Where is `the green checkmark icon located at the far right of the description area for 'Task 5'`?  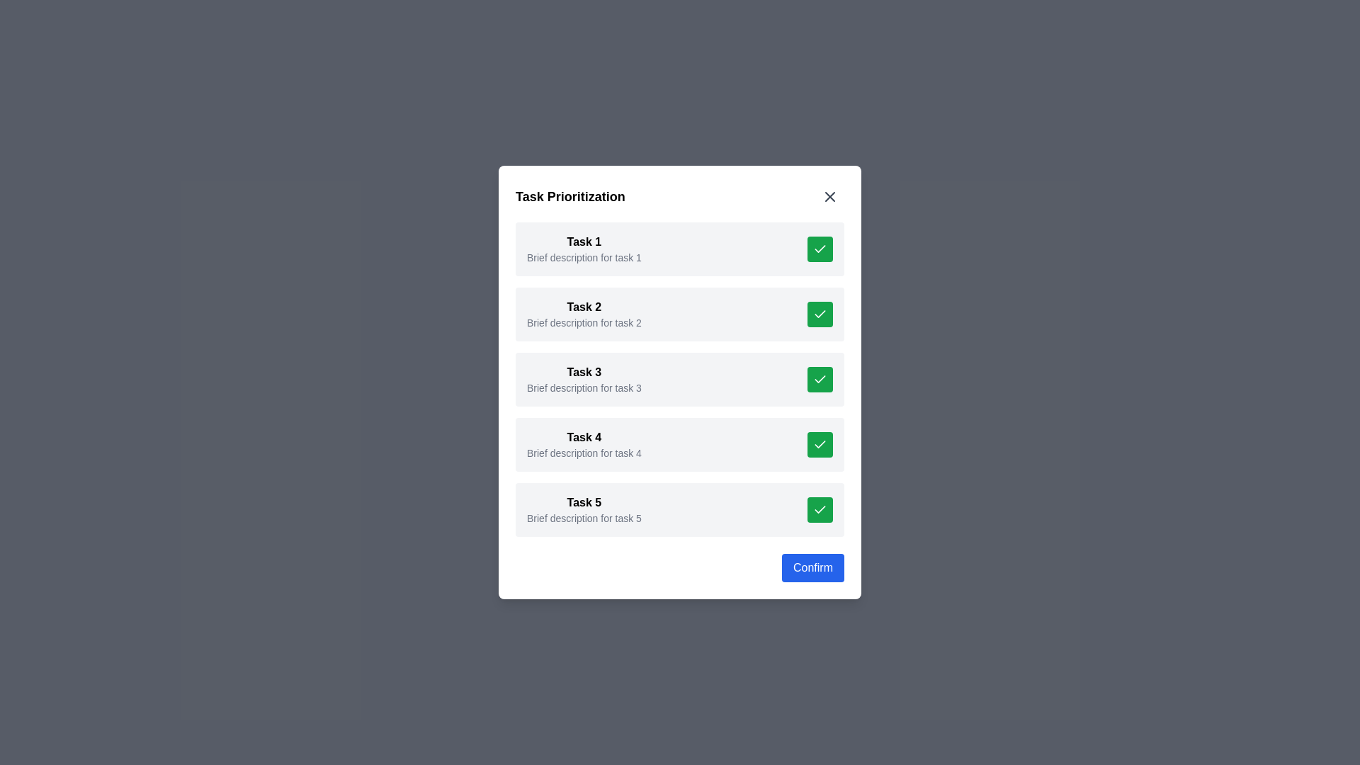
the green checkmark icon located at the far right of the description area for 'Task 5' is located at coordinates (820, 508).